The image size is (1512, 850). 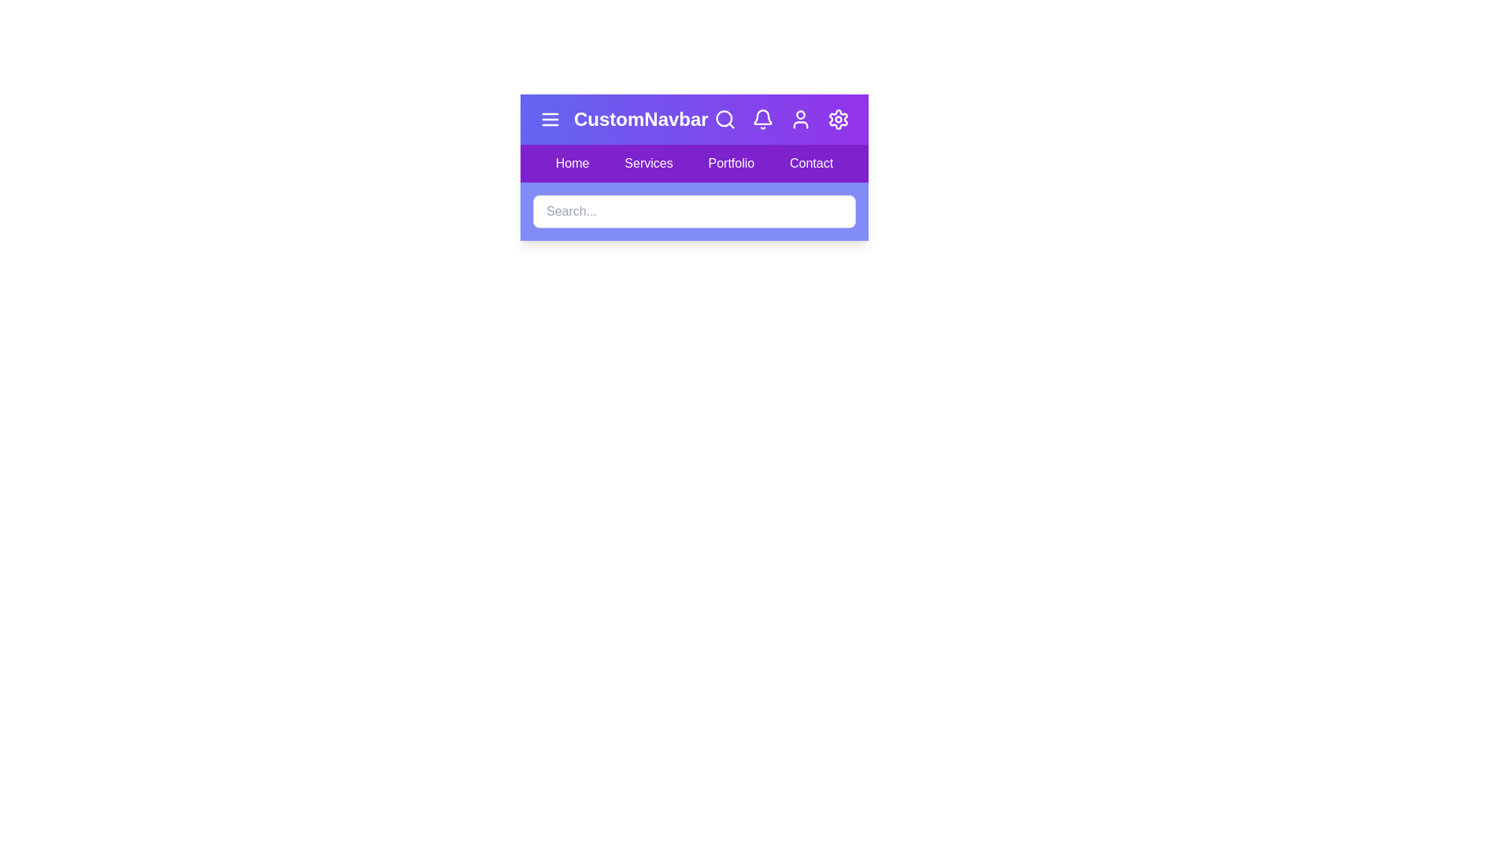 What do you see at coordinates (550, 118) in the screenshot?
I see `the menu button to toggle the menu visibility` at bounding box center [550, 118].